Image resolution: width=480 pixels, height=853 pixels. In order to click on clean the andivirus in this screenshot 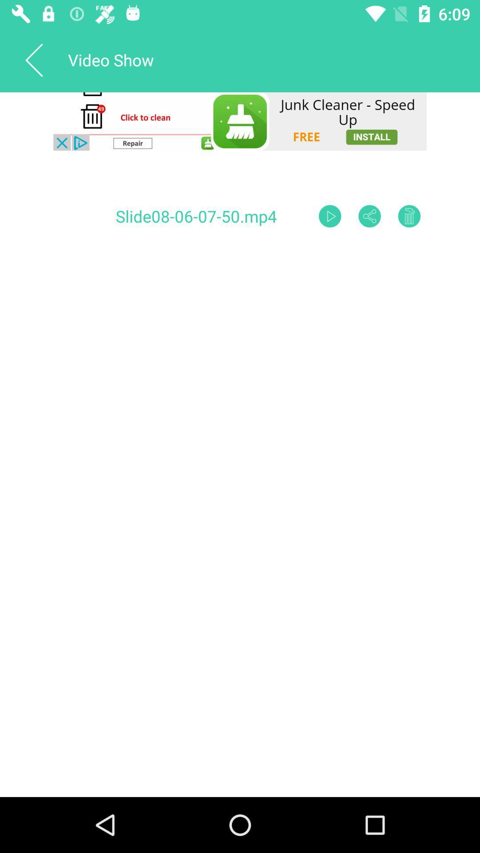, I will do `click(240, 121)`.